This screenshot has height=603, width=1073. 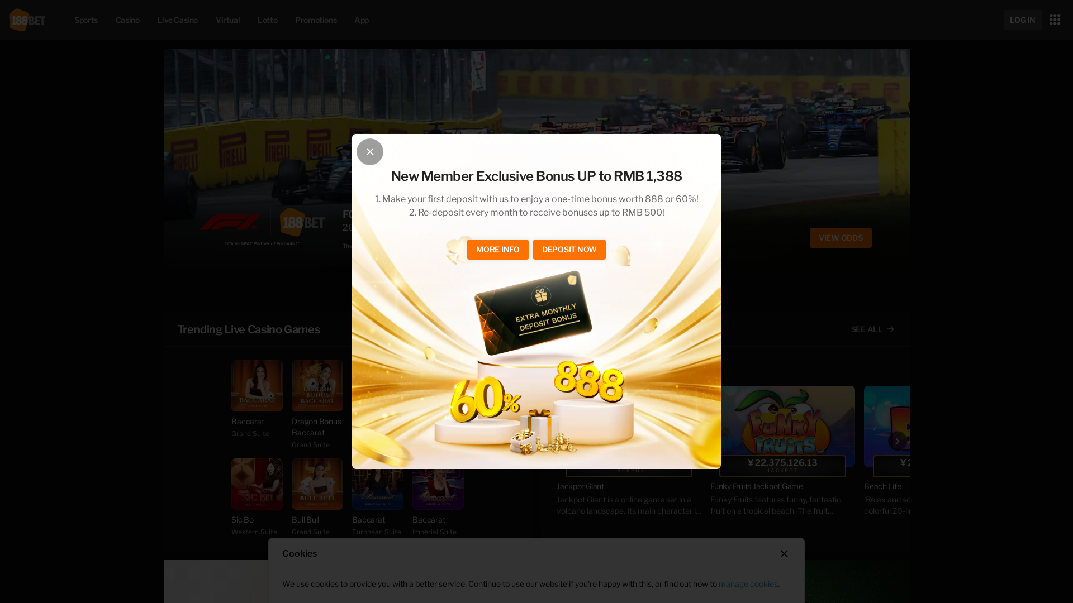 I want to click on 'Casino', so click(x=127, y=19).